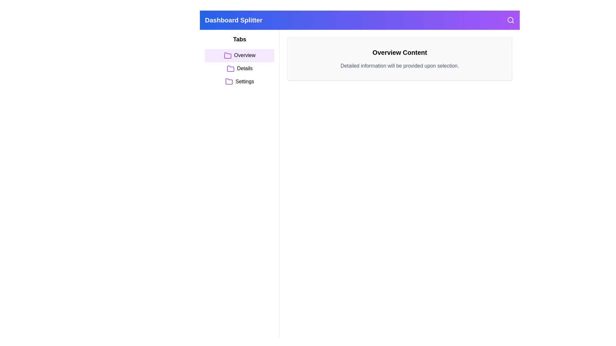 This screenshot has width=616, height=346. Describe the element at coordinates (239, 69) in the screenshot. I see `the 'Details' menu item, which is the second item in the vertical sidebar menu with a purple folder icon` at that location.